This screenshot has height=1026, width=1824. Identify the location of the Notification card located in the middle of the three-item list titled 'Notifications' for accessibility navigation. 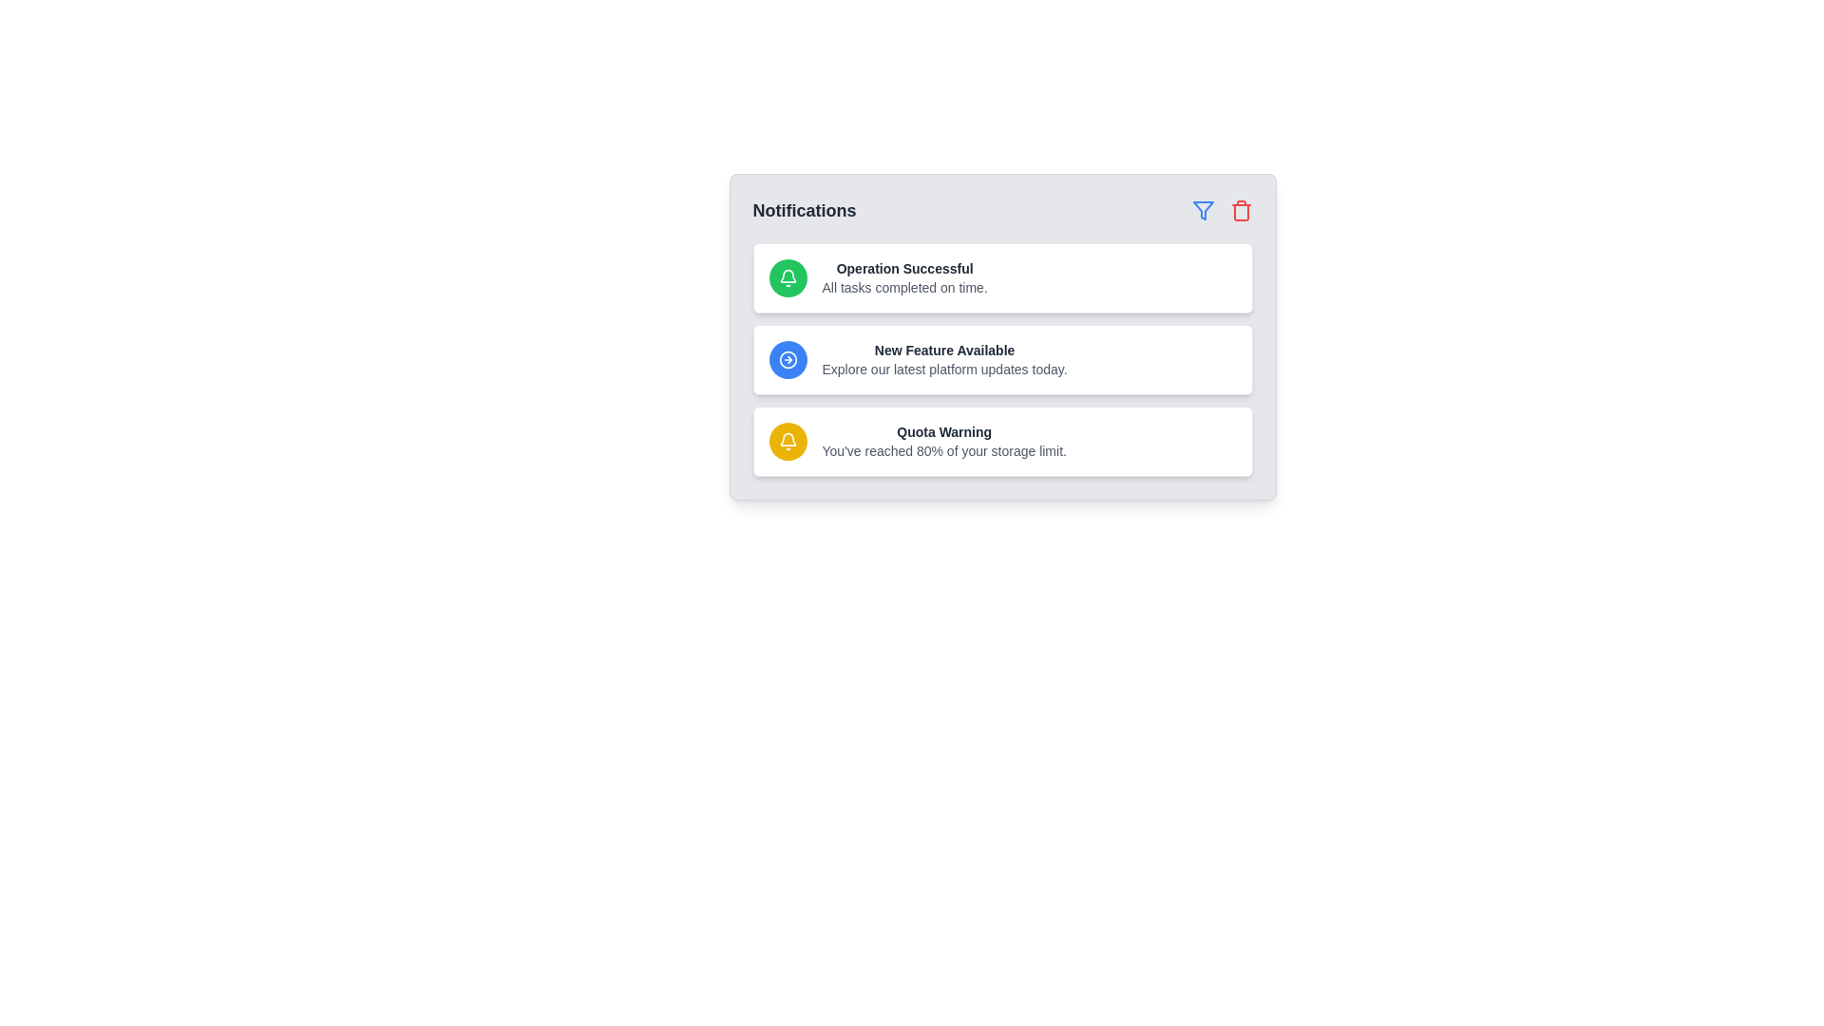
(1001, 335).